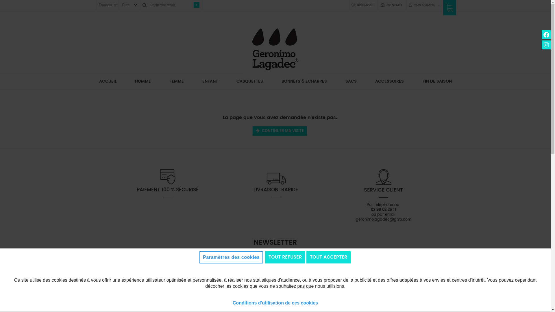 The image size is (555, 312). Describe the element at coordinates (285, 257) in the screenshot. I see `'TOUT REFUSER'` at that location.